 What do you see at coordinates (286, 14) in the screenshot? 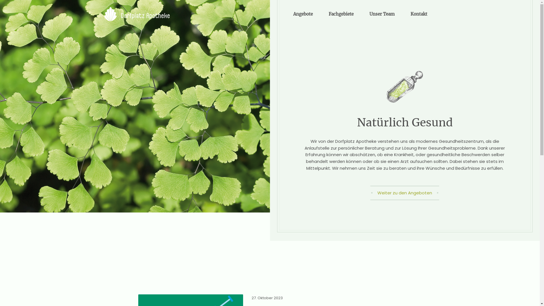
I see `'Angebote'` at bounding box center [286, 14].